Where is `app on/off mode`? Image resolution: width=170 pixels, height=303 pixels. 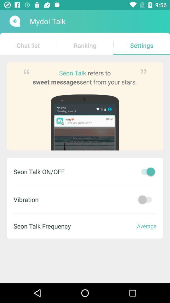
app on/off mode is located at coordinates (146, 199).